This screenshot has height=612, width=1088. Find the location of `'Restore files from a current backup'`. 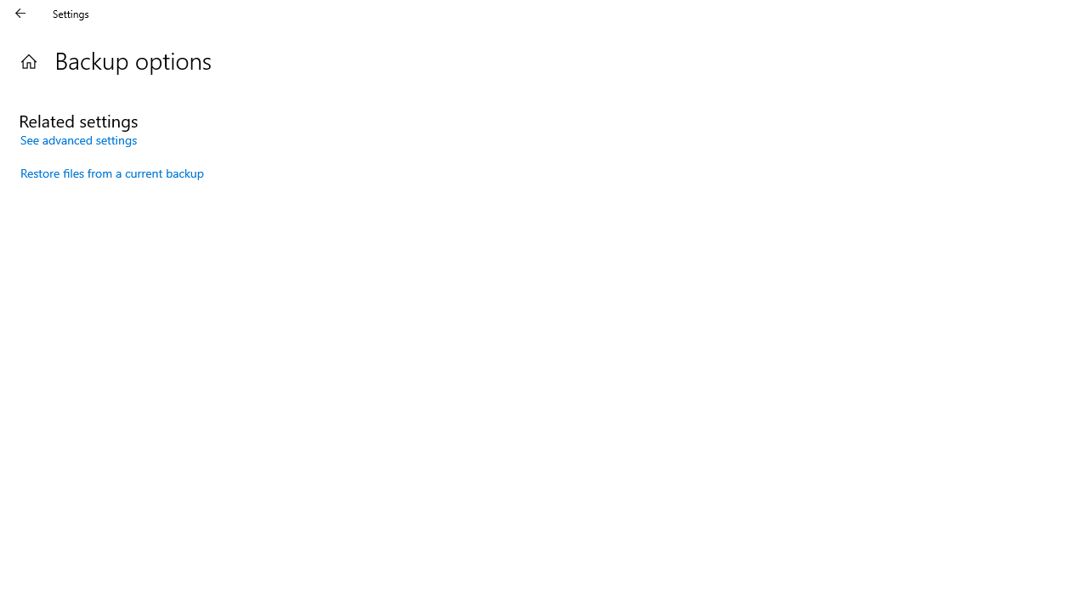

'Restore files from a current backup' is located at coordinates (111, 173).